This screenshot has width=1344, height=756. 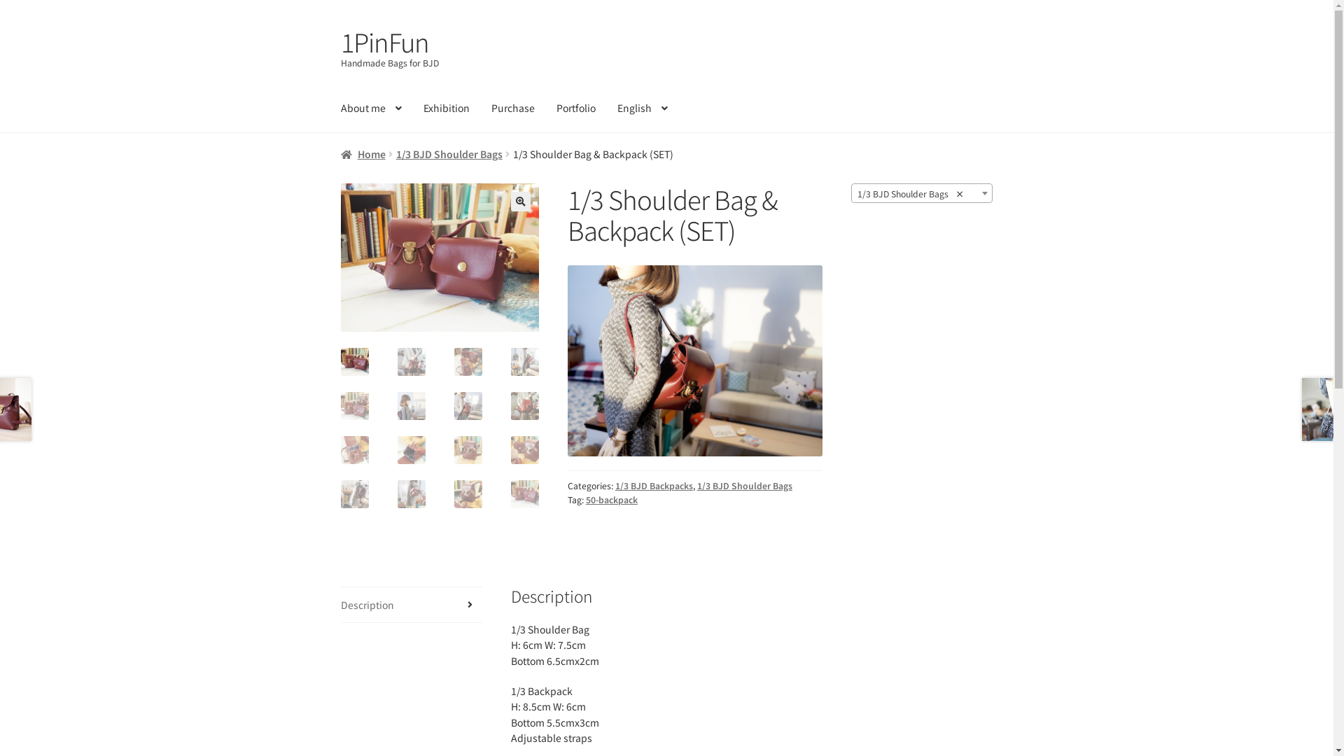 I want to click on 'Portfolio', so click(x=575, y=107).